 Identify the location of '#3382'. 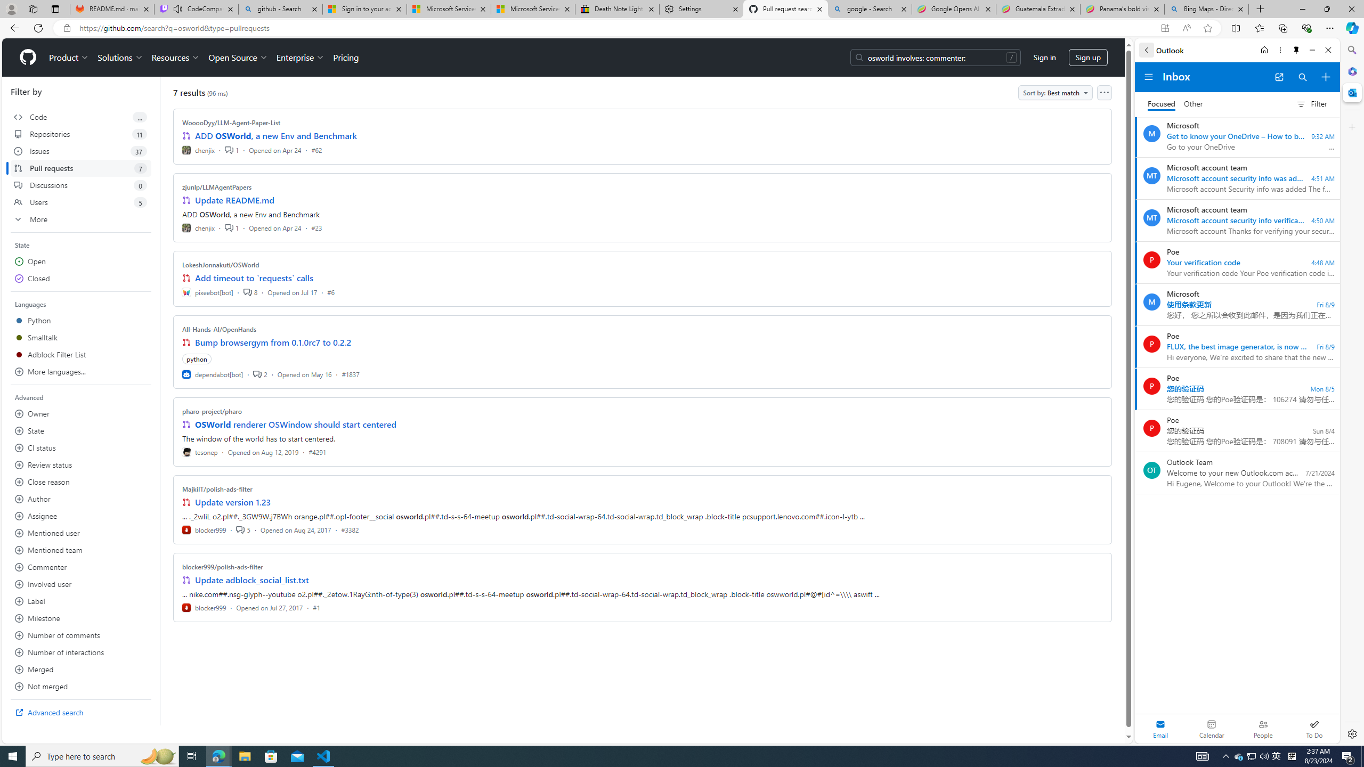
(350, 529).